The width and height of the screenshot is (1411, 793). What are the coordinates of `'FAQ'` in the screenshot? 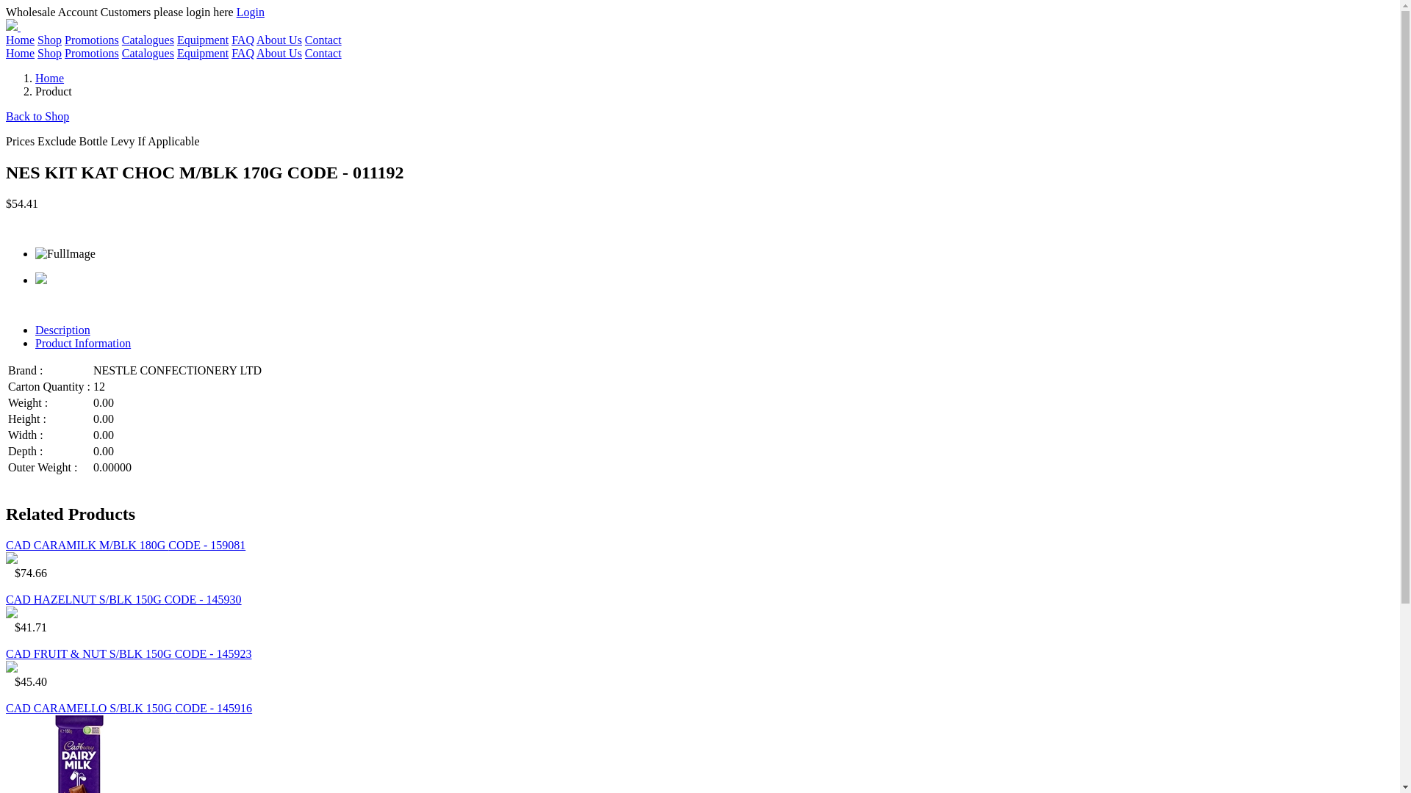 It's located at (243, 39).